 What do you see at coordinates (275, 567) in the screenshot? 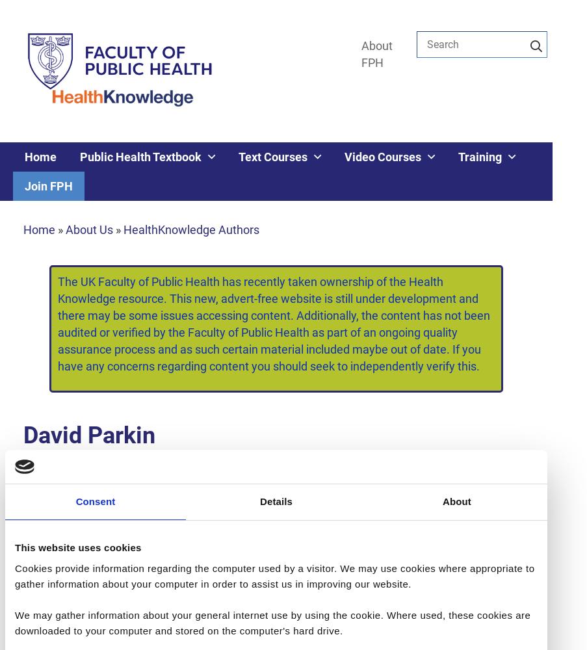
I see `'Professor David Parkin is Visiting Professor at City, University of London and Senior Visiting Fellow at the Office of Health Economics, London.  His most recent employment was as Professor of Health Economics in the Division of Health and Social Care Research at King’s College London, and was previously Chief Economist at a Strategic Health Authority within the UK’s National Health Service.  Before joining the NHS, David was a professor in the Economics Department at City University London. Earlier posts included 15 years in the academic Public Health department at Newcastle University and health economics research posts in Aberdeen and Manchester.  He has been an Honorary Member of the Faculty of Public Health since 1998.'` at bounding box center [275, 567].